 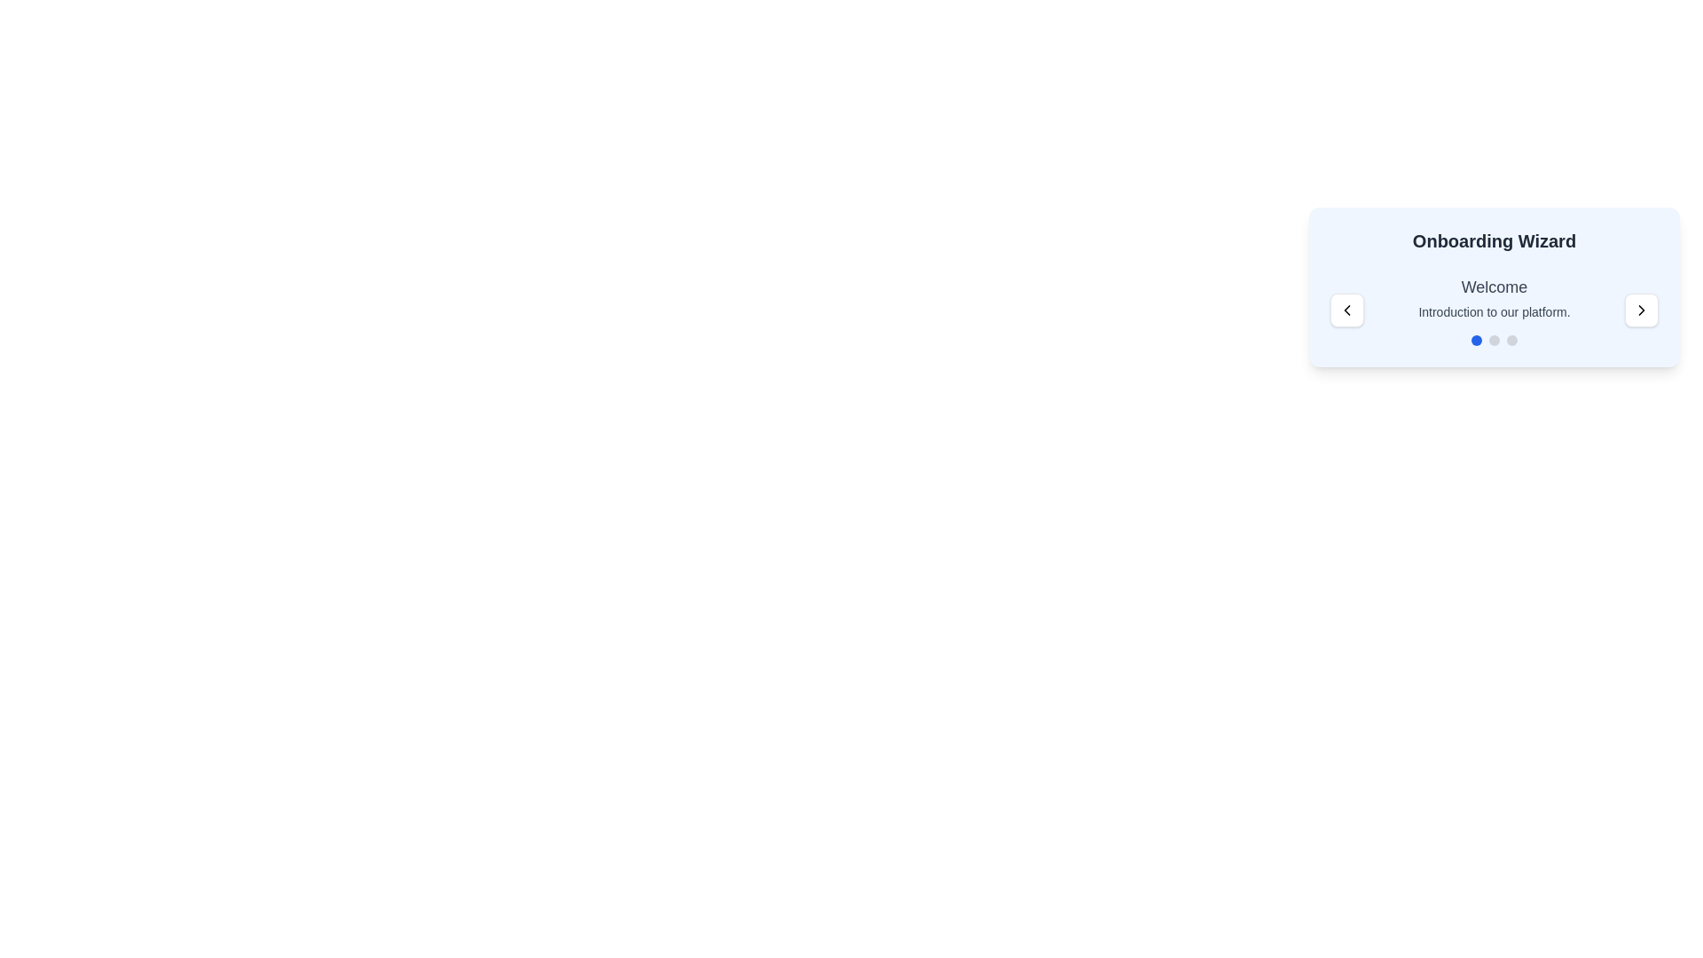 I want to click on the third circular navigation indicator in the Onboarding Wizard interface, so click(x=1511, y=341).